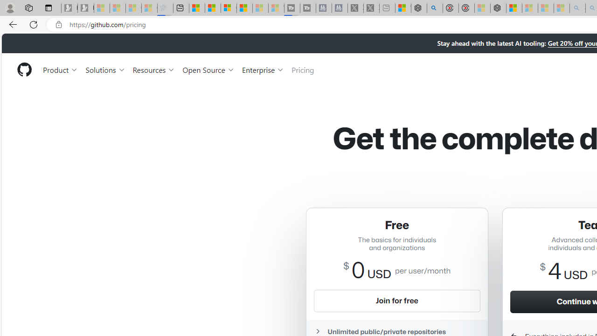 The width and height of the screenshot is (597, 336). Describe the element at coordinates (397, 301) in the screenshot. I see `'Join for free'` at that location.